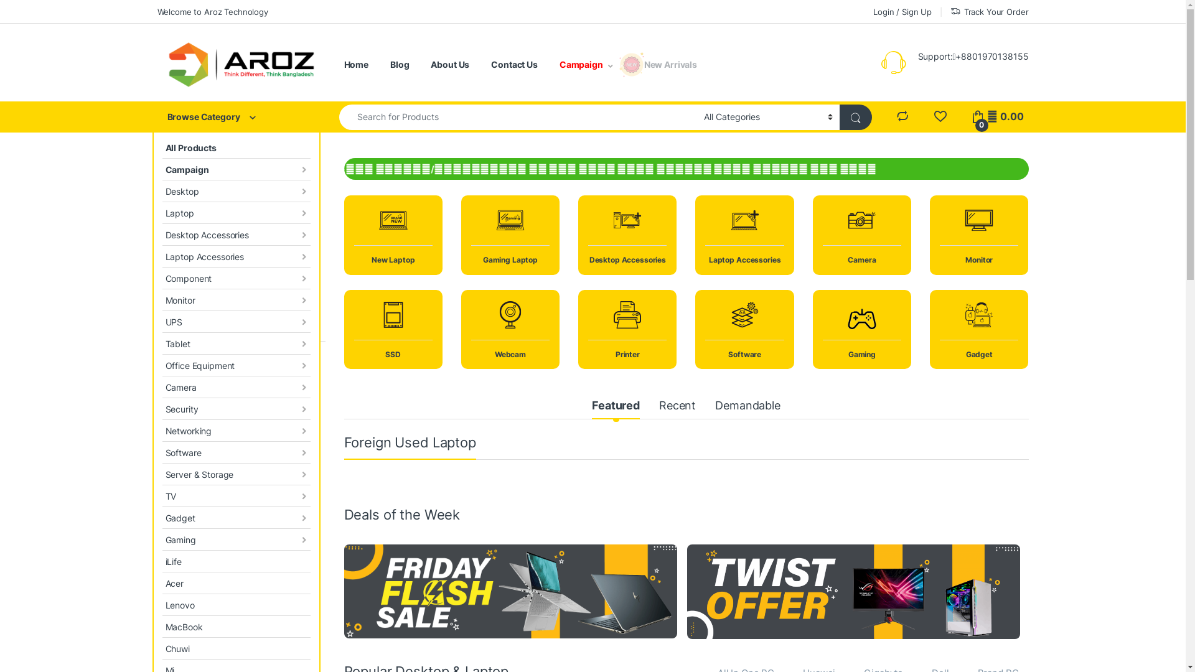 The width and height of the screenshot is (1195, 672). Describe the element at coordinates (236, 583) in the screenshot. I see `'Acer'` at that location.